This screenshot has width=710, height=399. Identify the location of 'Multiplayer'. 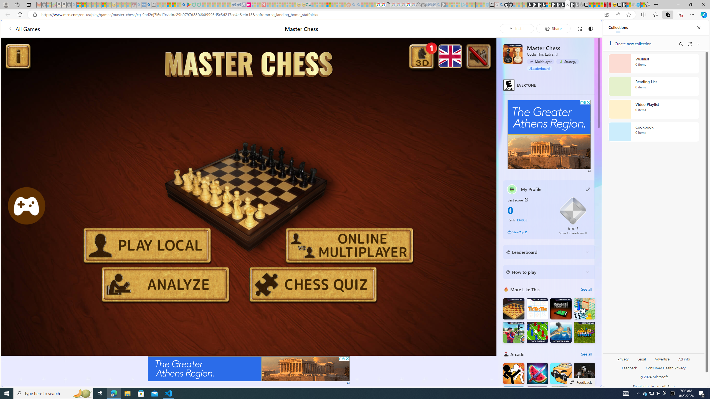
(540, 62).